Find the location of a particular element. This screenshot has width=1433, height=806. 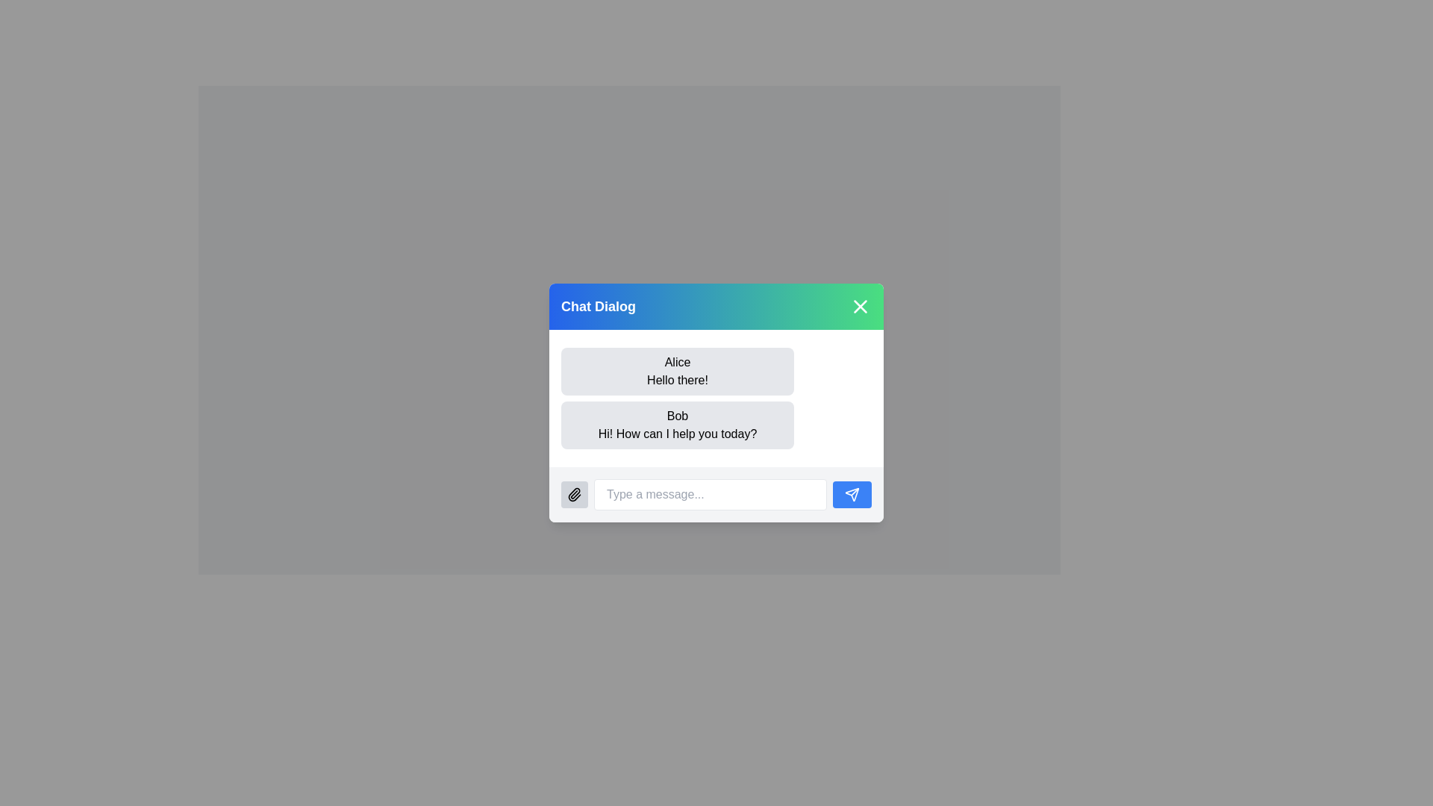

the sender's name identifier text label located in the top-left corner of the chat bubble, which precedes the message text 'Hello there!' is located at coordinates (676, 363).